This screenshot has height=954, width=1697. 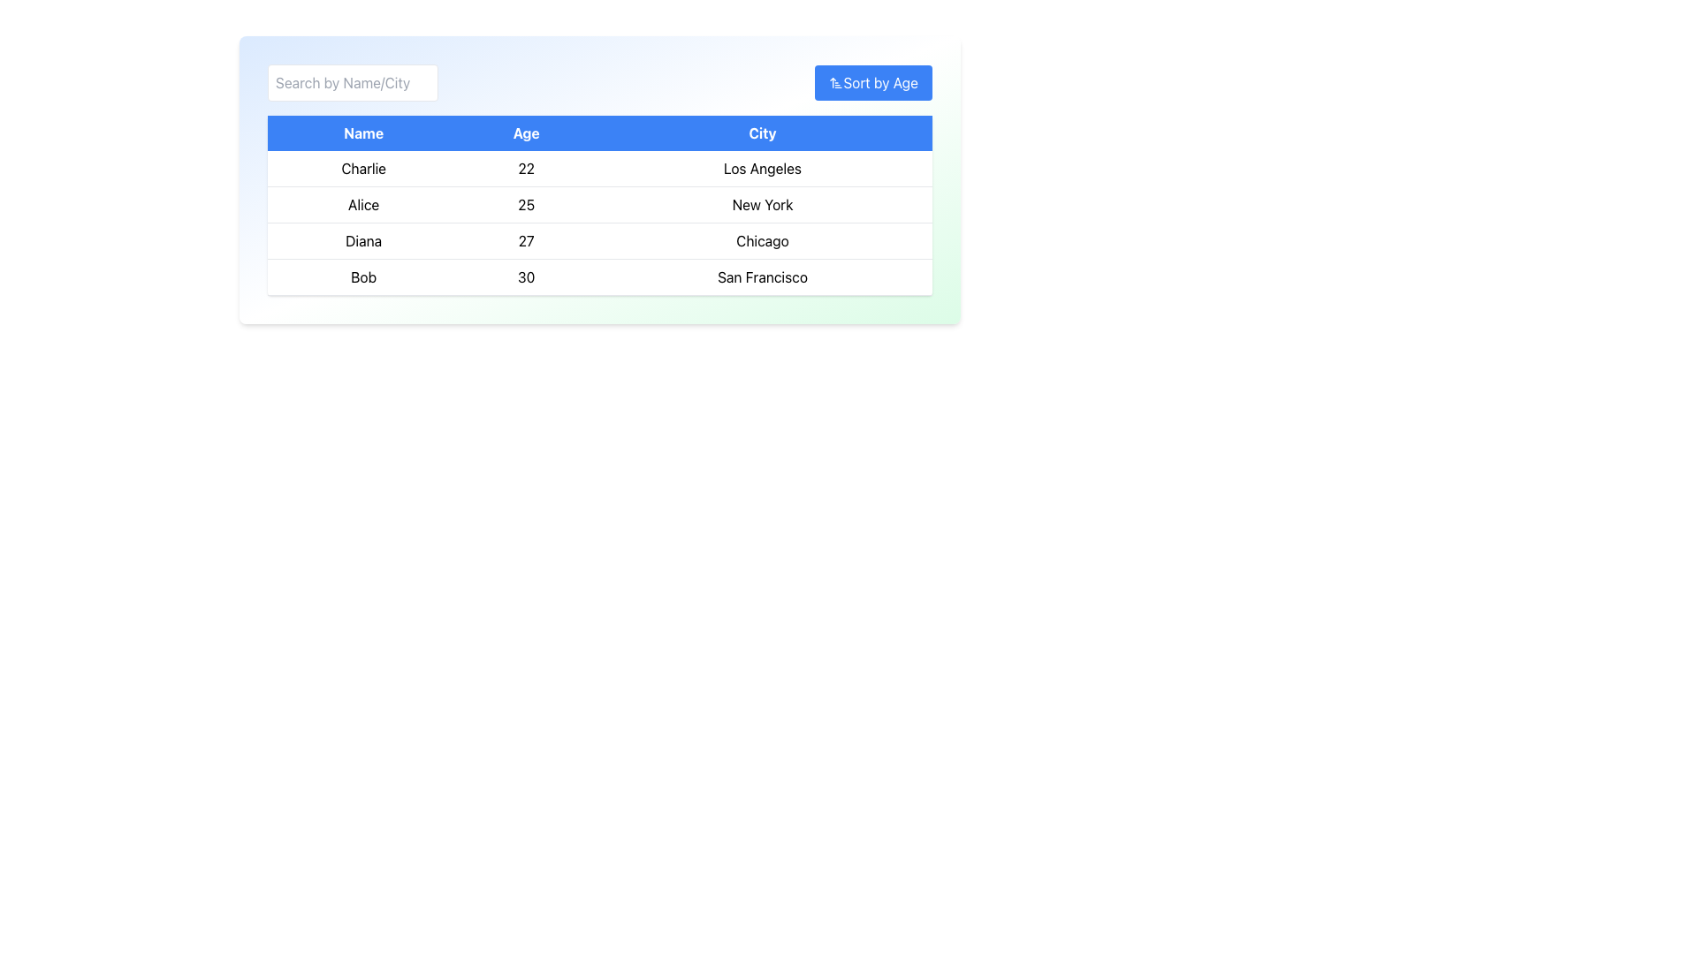 I want to click on the text '27' displayed in bold font under the 'Age' column in the third row of the table, which is located between the 'Name' column with 'Diana' and the 'City' column with 'Chicago', so click(x=525, y=241).